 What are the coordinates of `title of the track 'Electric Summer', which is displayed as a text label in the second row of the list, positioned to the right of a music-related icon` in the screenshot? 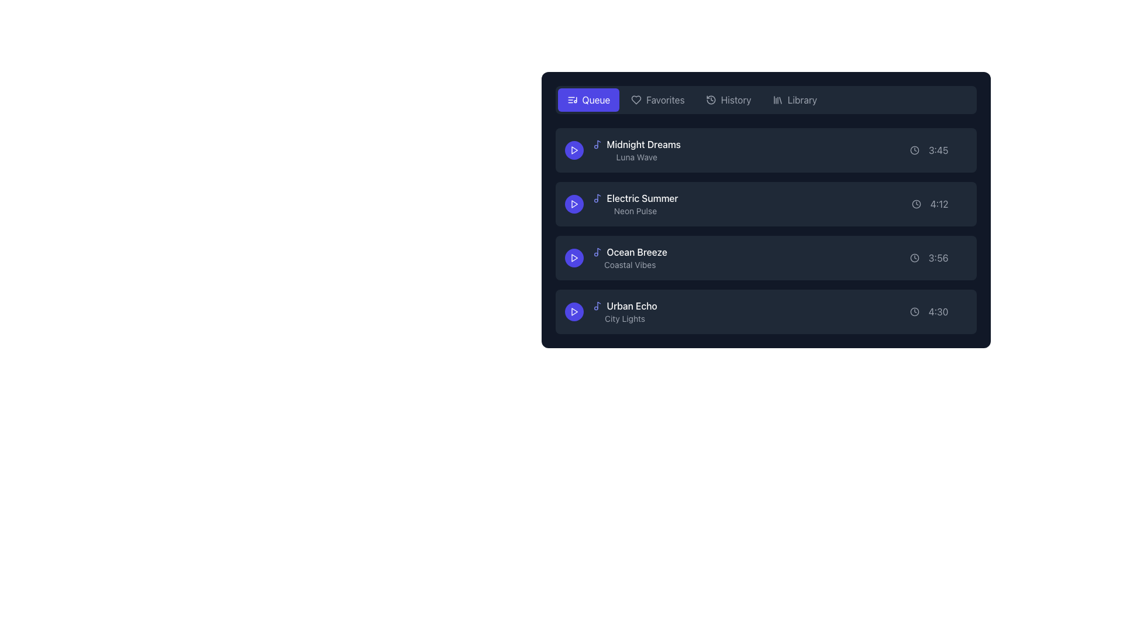 It's located at (642, 198).